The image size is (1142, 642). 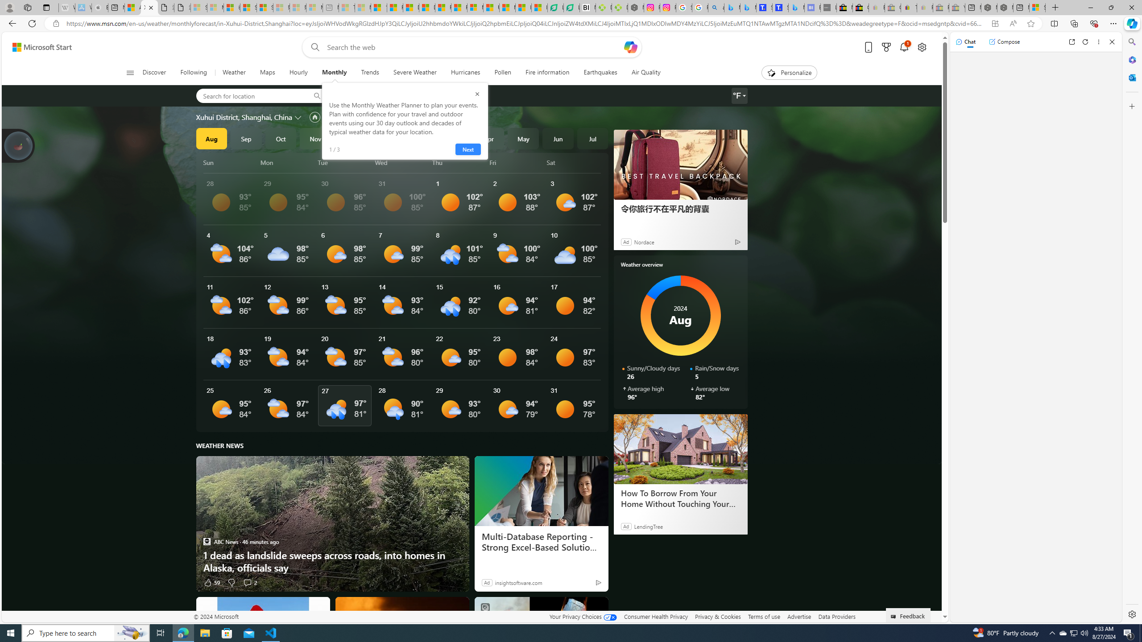 I want to click on 'Earthquakes', so click(x=600, y=72).